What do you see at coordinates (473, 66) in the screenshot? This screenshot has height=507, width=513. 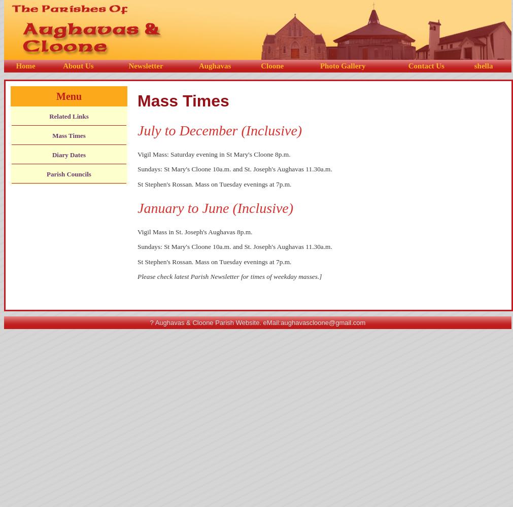 I see `'shella'` at bounding box center [473, 66].